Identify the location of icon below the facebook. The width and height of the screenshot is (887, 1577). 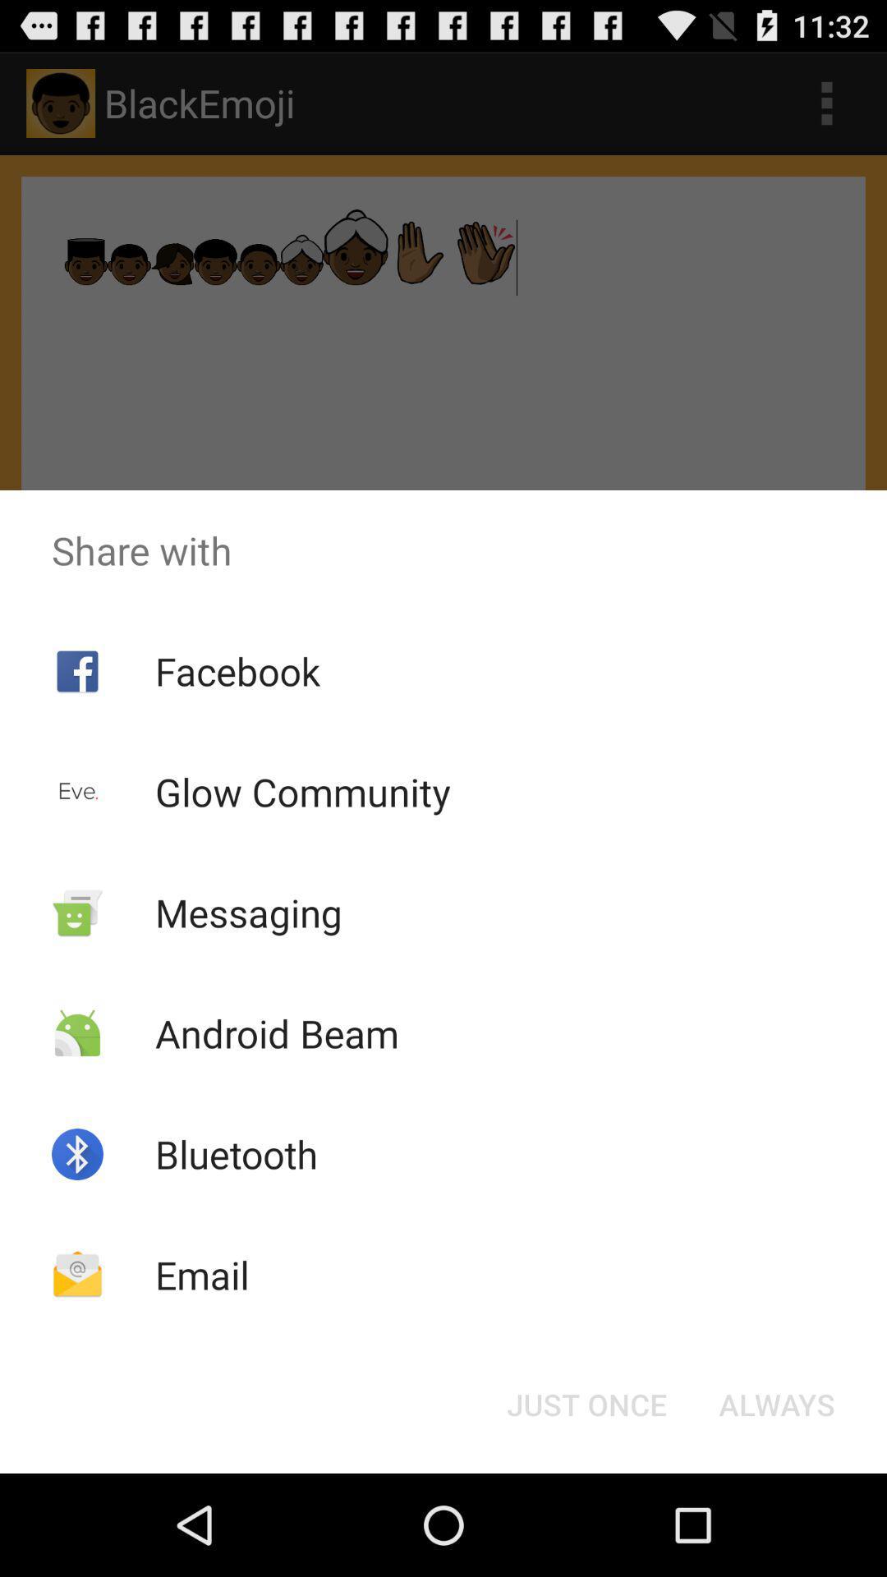
(303, 792).